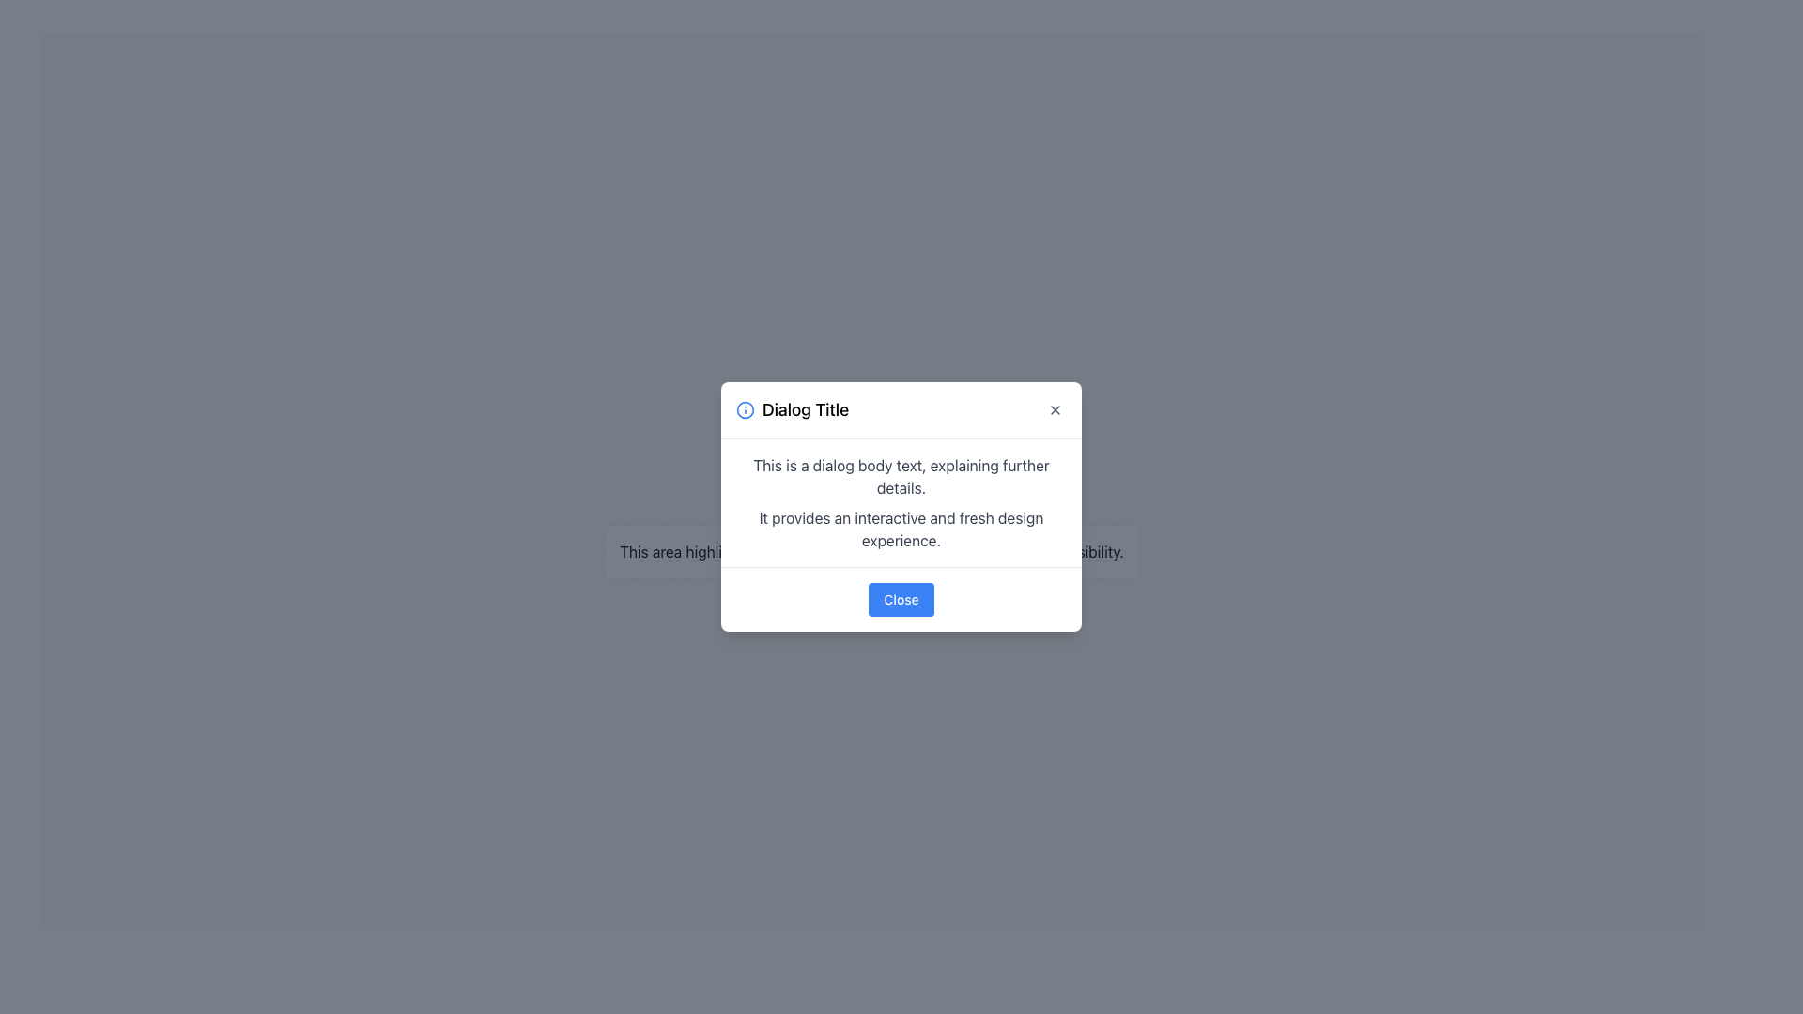 The width and height of the screenshot is (1803, 1014). I want to click on text label displaying 'Dialog Title' located in the dialog header, which is styled with a medium-bold font and positioned to the right of a blue icon, so click(806, 408).